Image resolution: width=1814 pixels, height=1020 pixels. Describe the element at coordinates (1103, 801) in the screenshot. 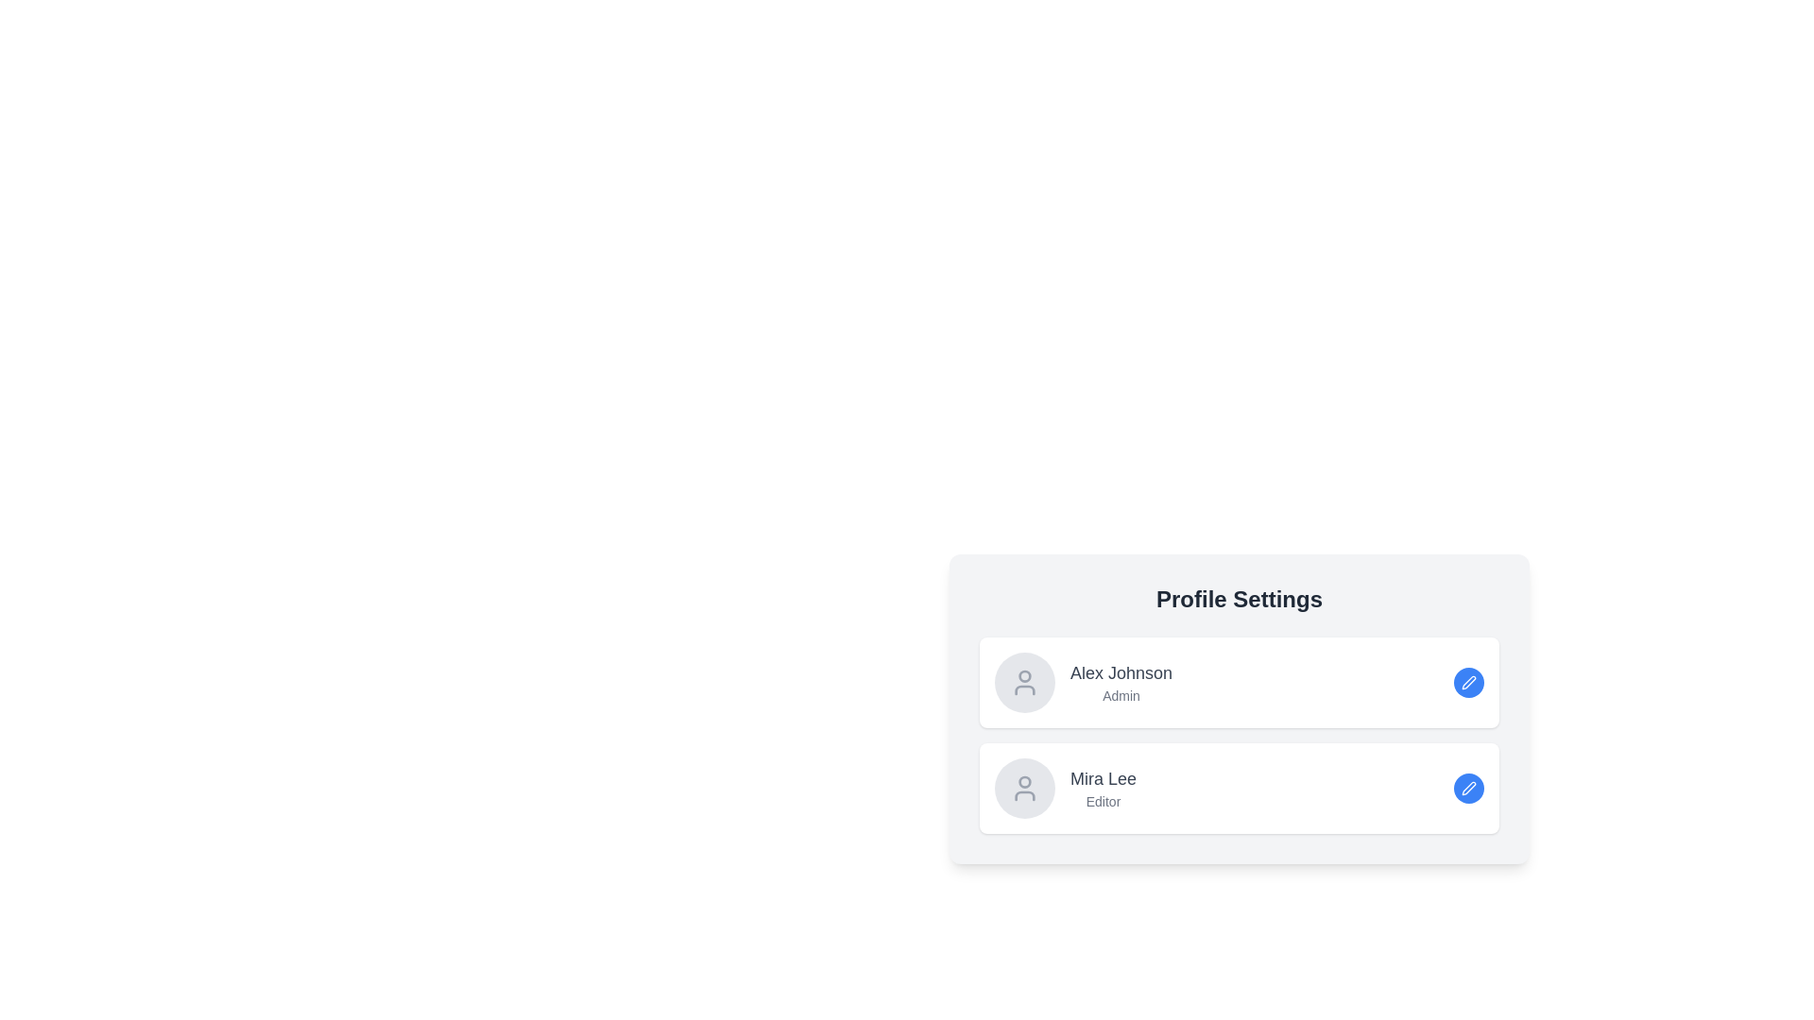

I see `the text label that identifies the user as an editor, located beneath the name 'Mira Lee' in the user profile list` at that location.